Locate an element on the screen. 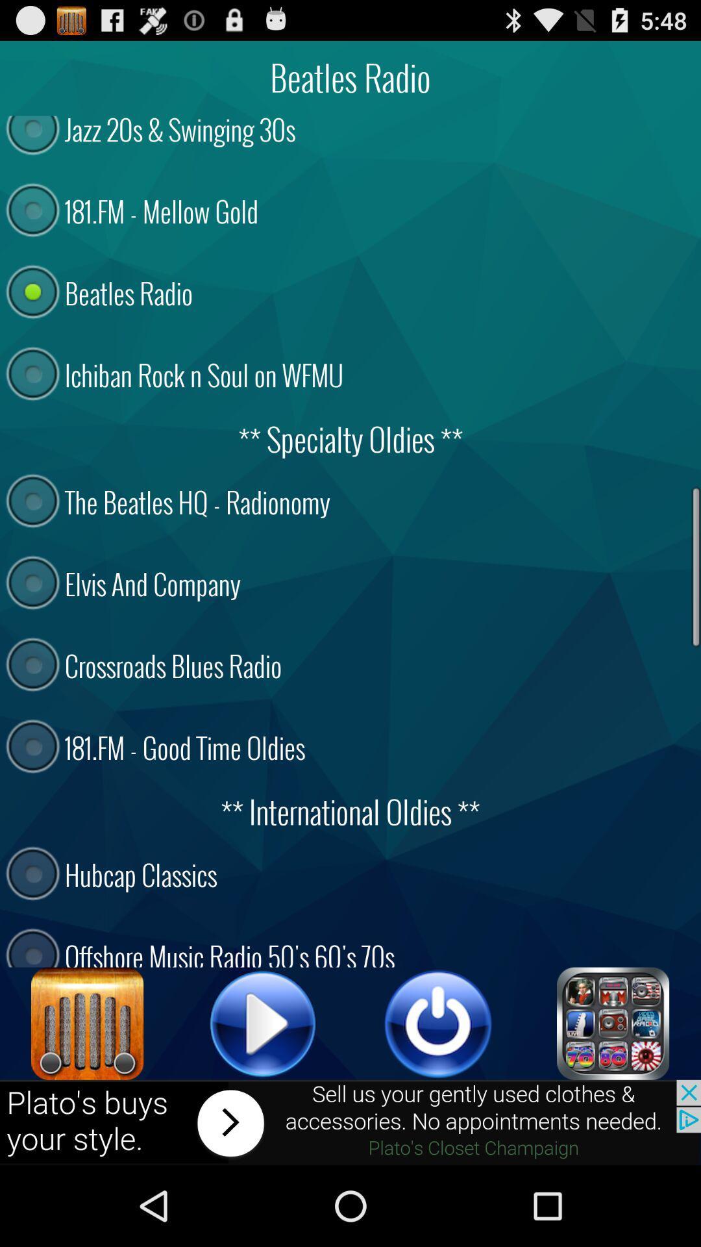  play is located at coordinates (263, 1023).